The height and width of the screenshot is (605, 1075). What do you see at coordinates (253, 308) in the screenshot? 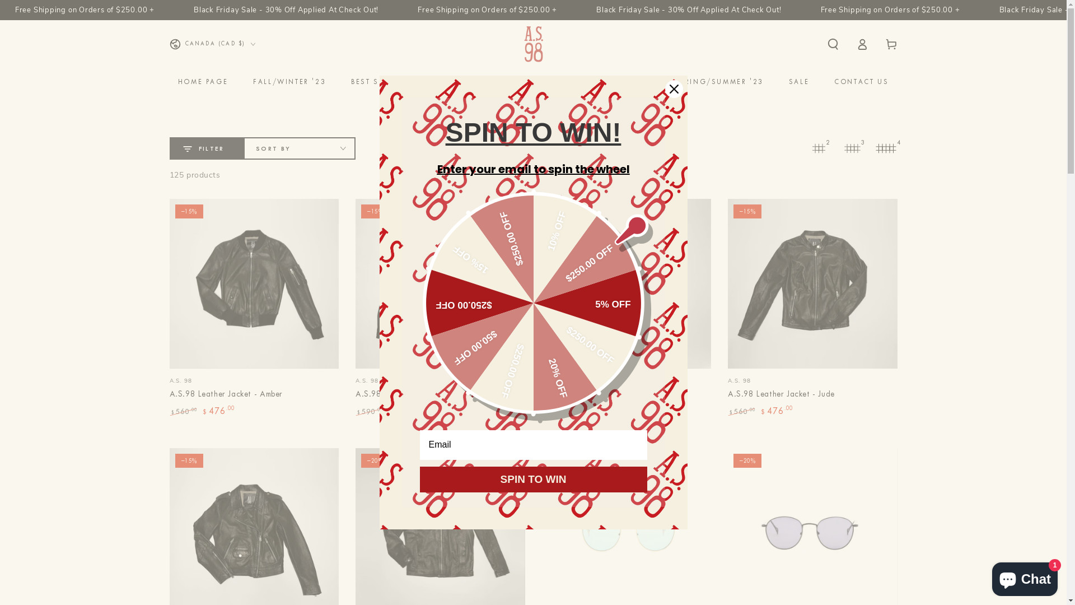
I see `'A.S.98 Leather Jacket - Amber'` at bounding box center [253, 308].